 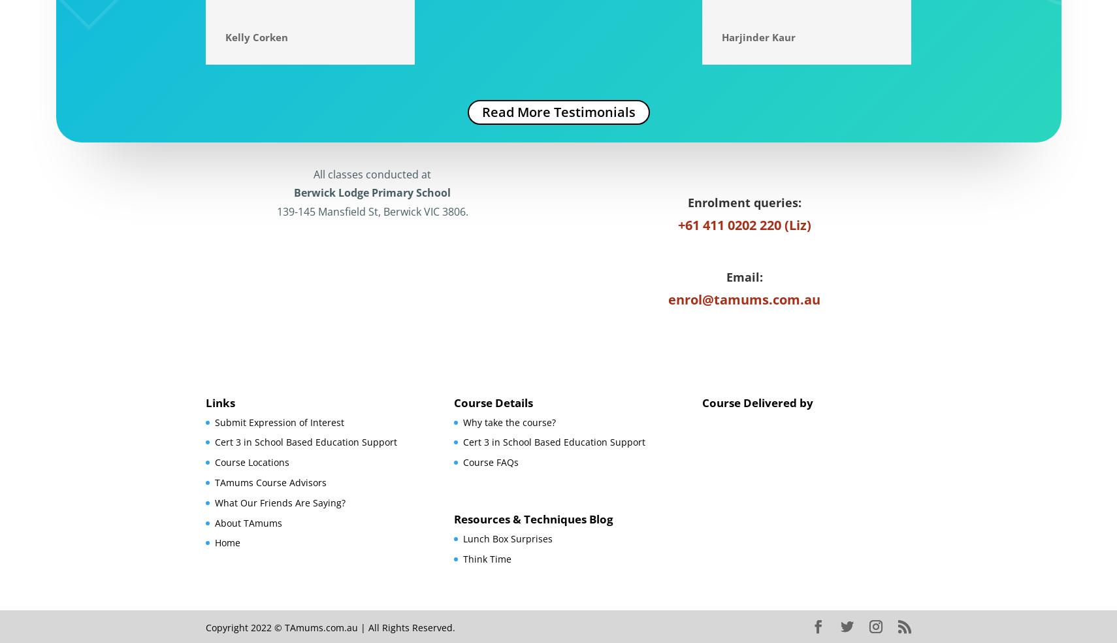 I want to click on 'Read More Testimonials', so click(x=481, y=111).